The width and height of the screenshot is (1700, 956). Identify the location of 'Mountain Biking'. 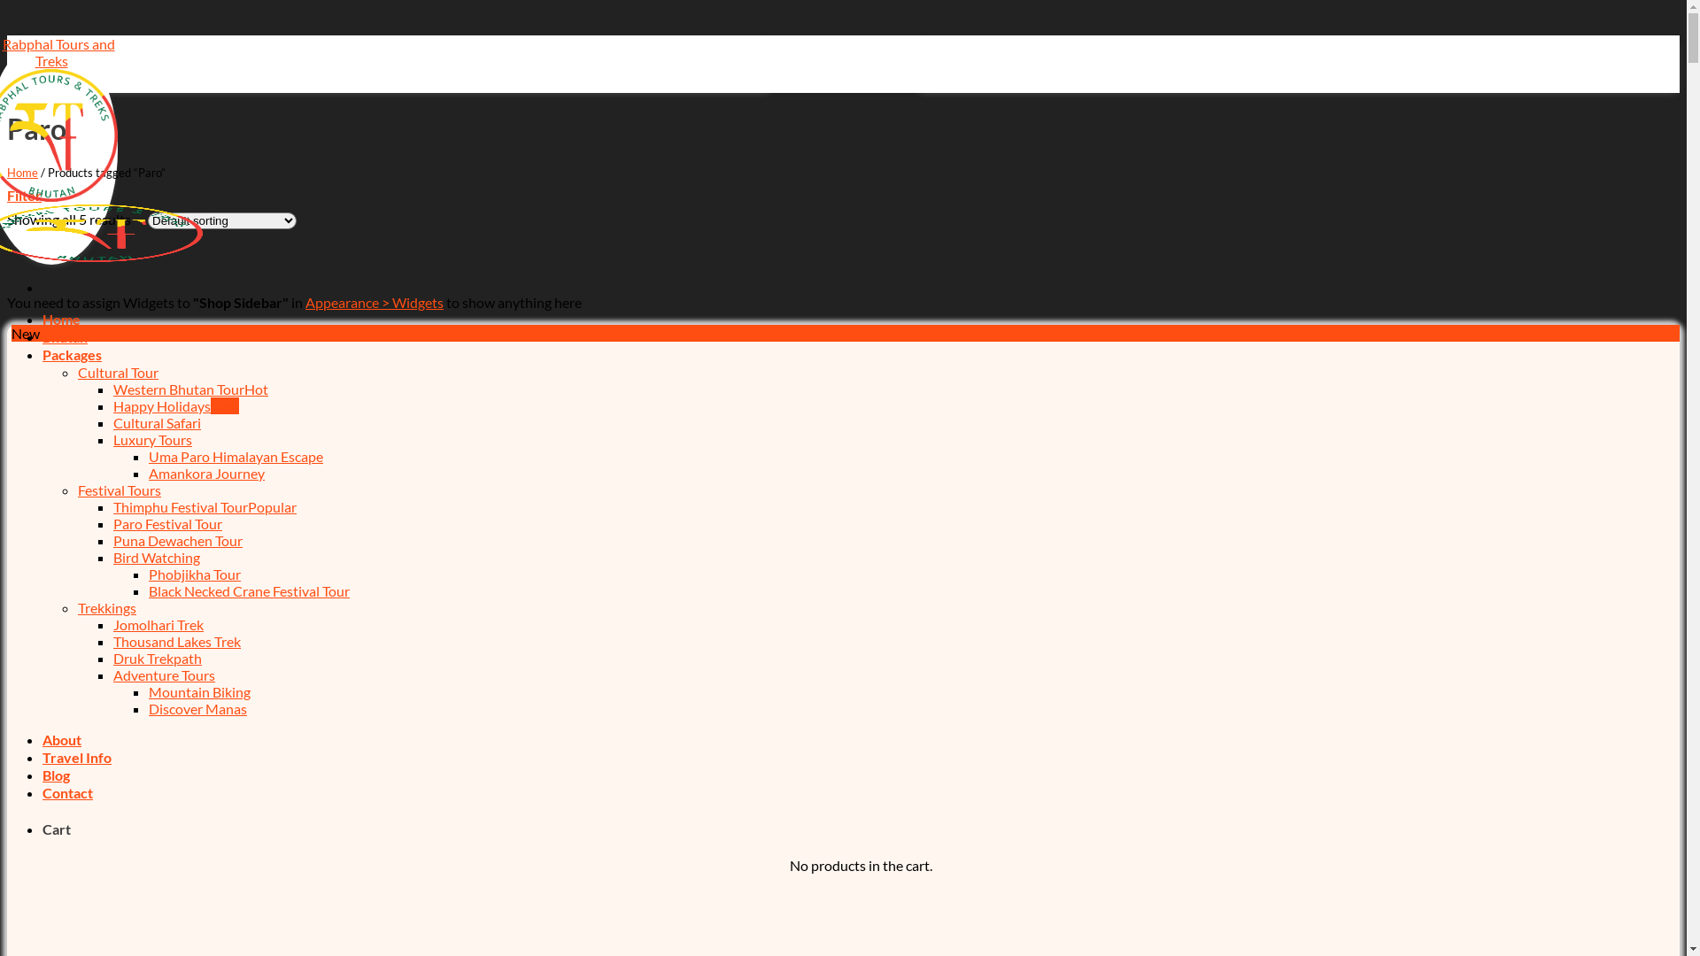
(199, 690).